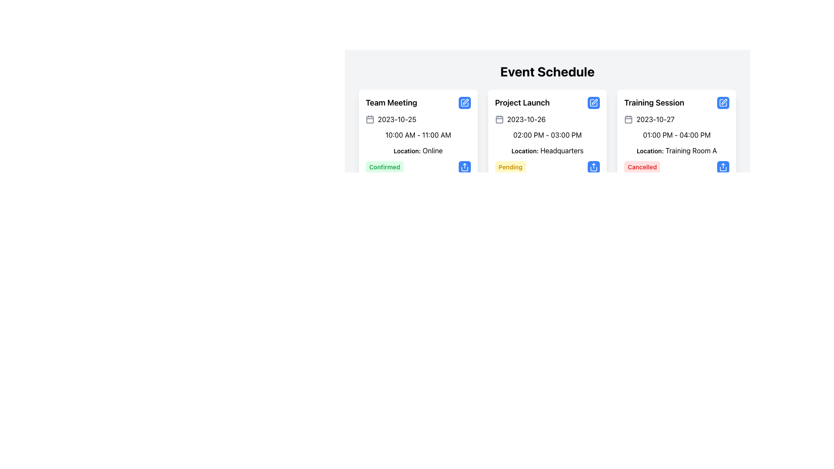 The width and height of the screenshot is (834, 469). Describe the element at coordinates (723, 102) in the screenshot. I see `the edit button located at the top right corner of the 'Training Session' card to initiate an edit action` at that location.